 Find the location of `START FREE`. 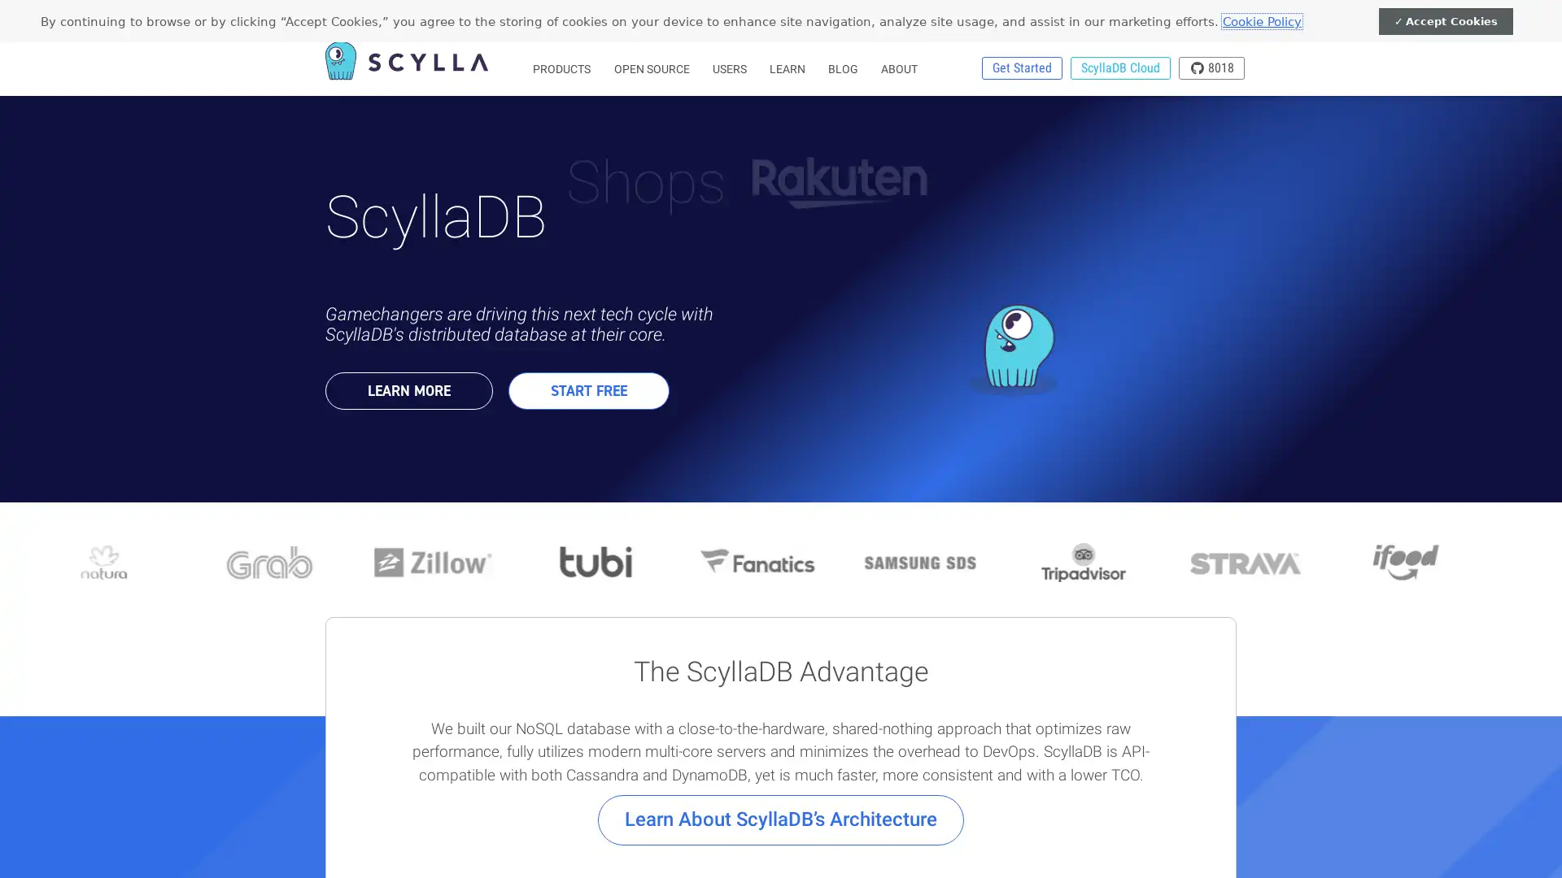

START FREE is located at coordinates (588, 390).